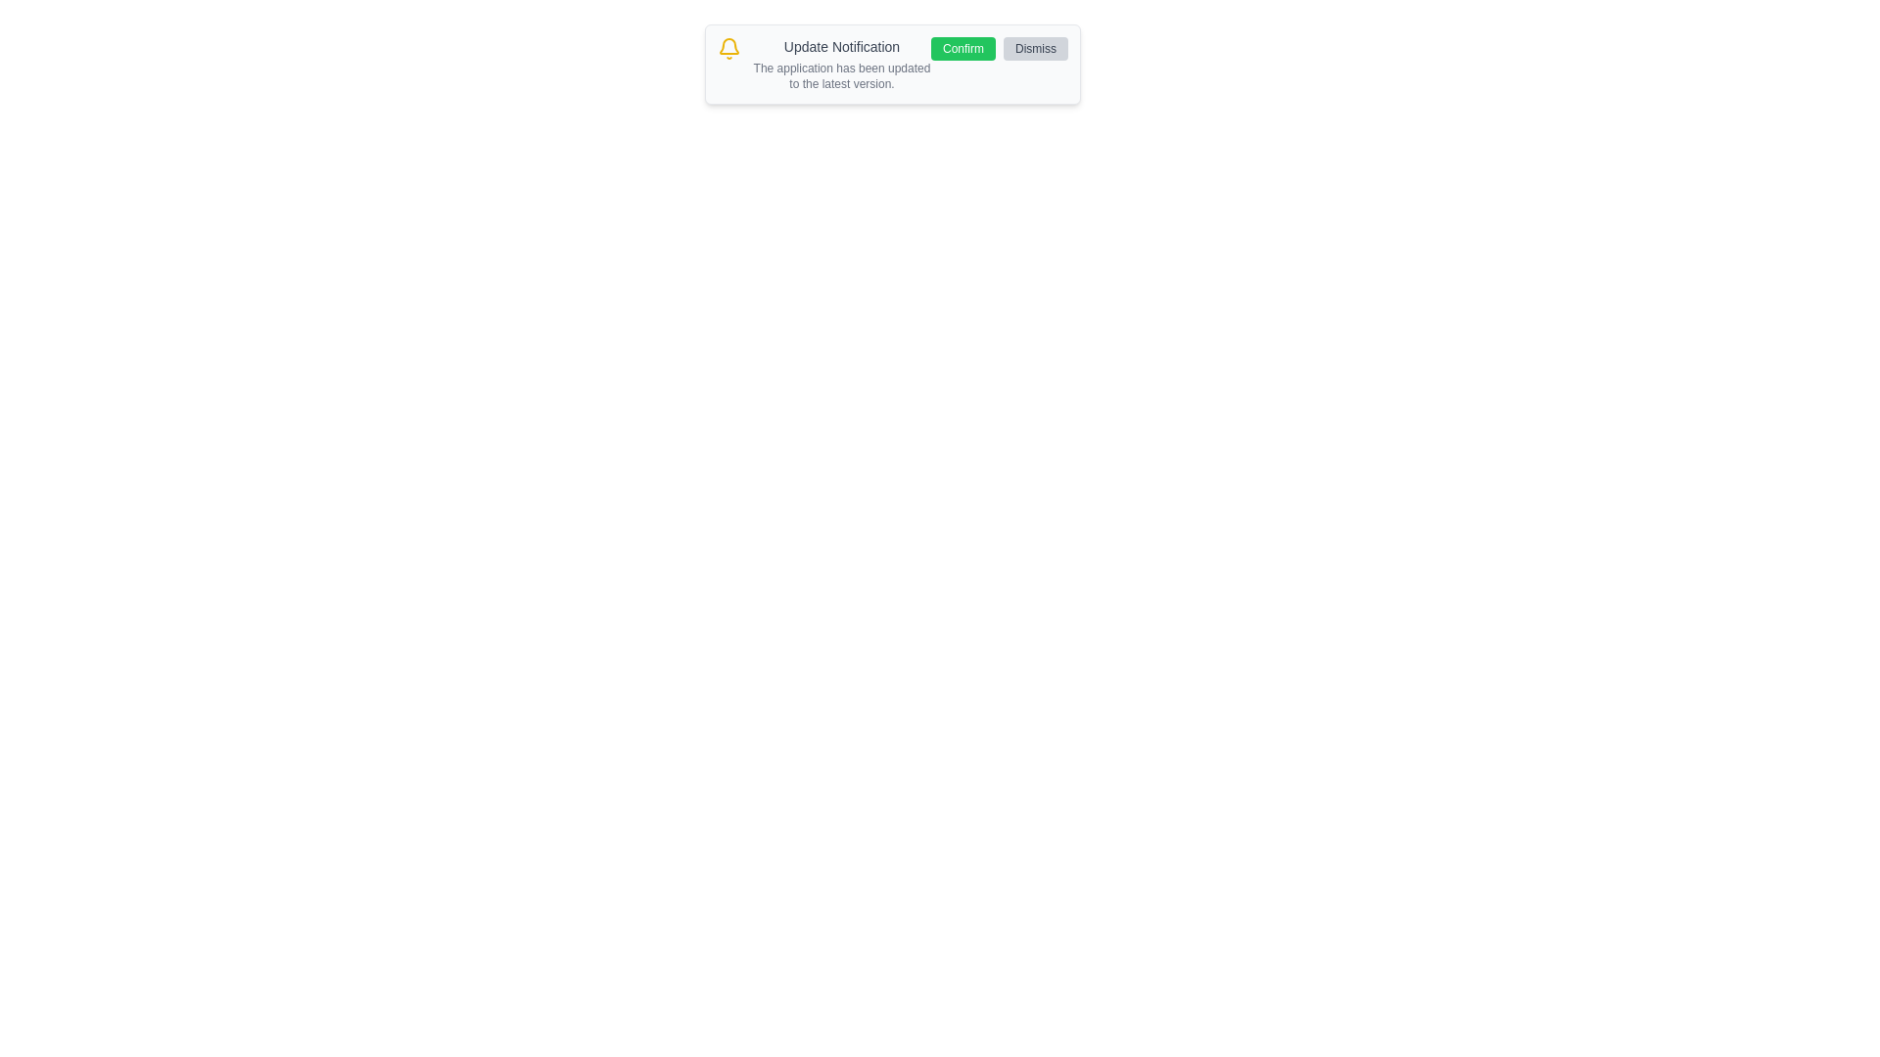 This screenshot has width=1880, height=1057. I want to click on text content of the text label displaying 'The application has been updated to the latest version.' located beneath the 'Update Notification' header, so click(841, 74).